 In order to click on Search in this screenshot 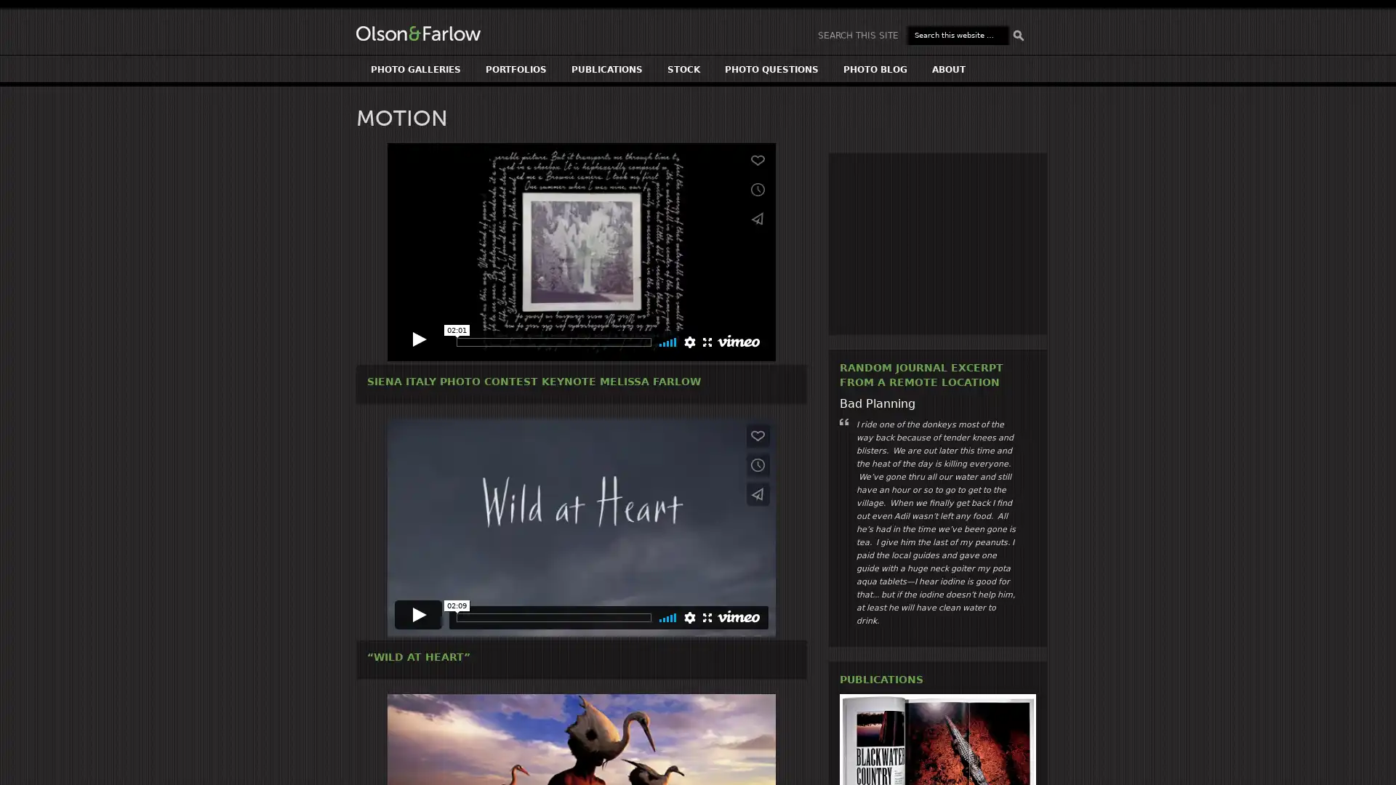, I will do `click(1018, 35)`.